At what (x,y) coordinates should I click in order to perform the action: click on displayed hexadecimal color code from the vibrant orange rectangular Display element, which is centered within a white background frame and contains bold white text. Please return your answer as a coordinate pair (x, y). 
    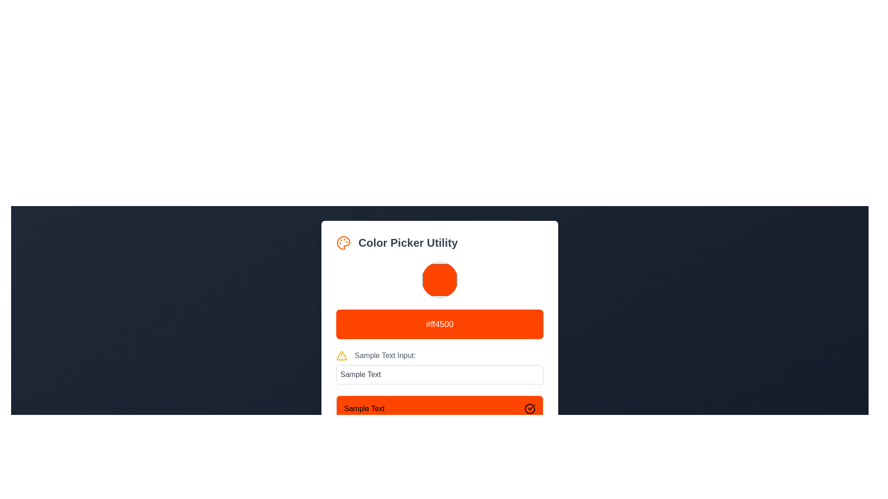
    Looking at the image, I should click on (439, 329).